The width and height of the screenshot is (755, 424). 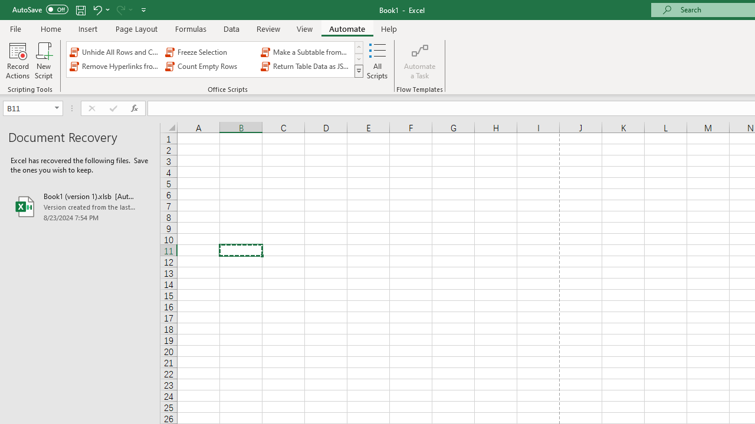 What do you see at coordinates (18, 61) in the screenshot?
I see `'Record Actions'` at bounding box center [18, 61].